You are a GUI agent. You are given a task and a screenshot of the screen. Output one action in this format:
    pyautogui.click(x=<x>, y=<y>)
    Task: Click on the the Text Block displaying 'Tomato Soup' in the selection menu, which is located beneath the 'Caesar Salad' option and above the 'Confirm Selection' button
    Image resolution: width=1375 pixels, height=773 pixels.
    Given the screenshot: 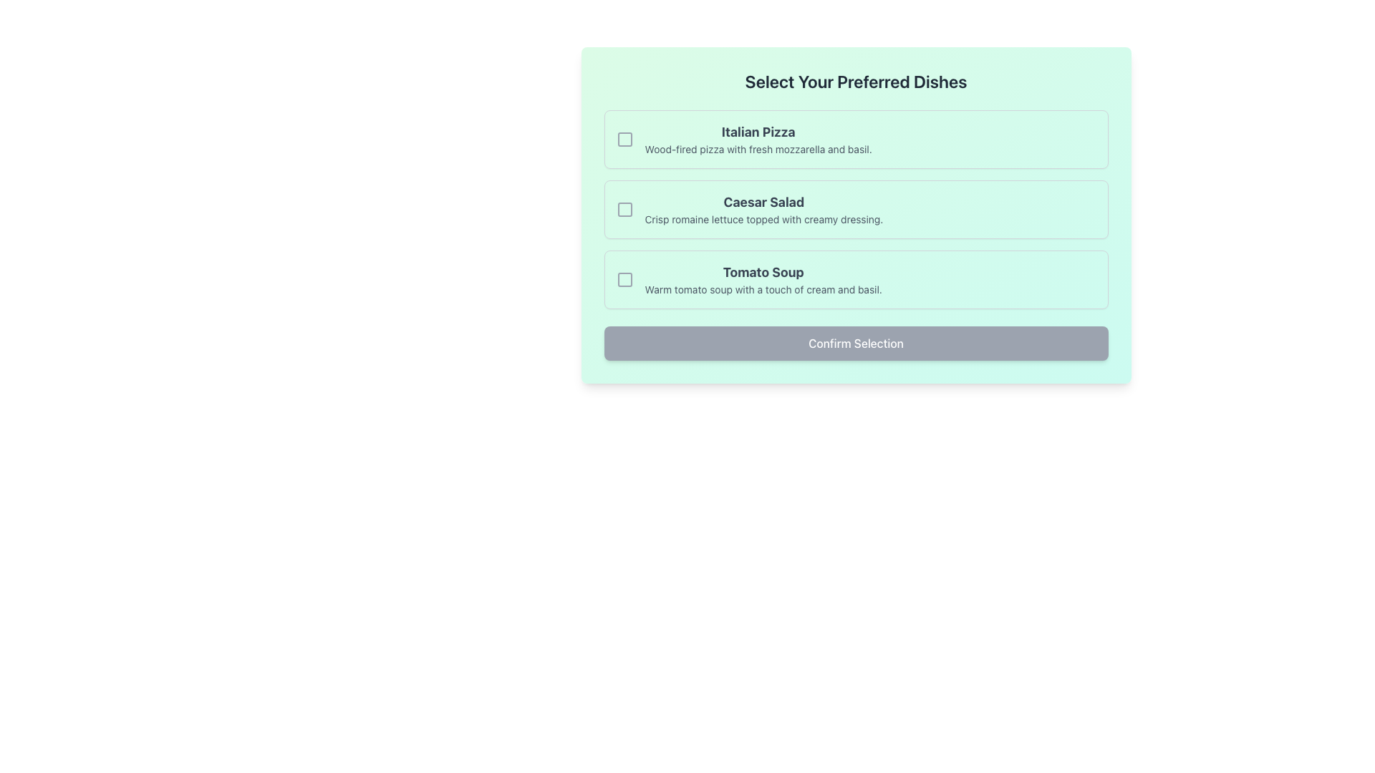 What is the action you would take?
    pyautogui.click(x=763, y=279)
    